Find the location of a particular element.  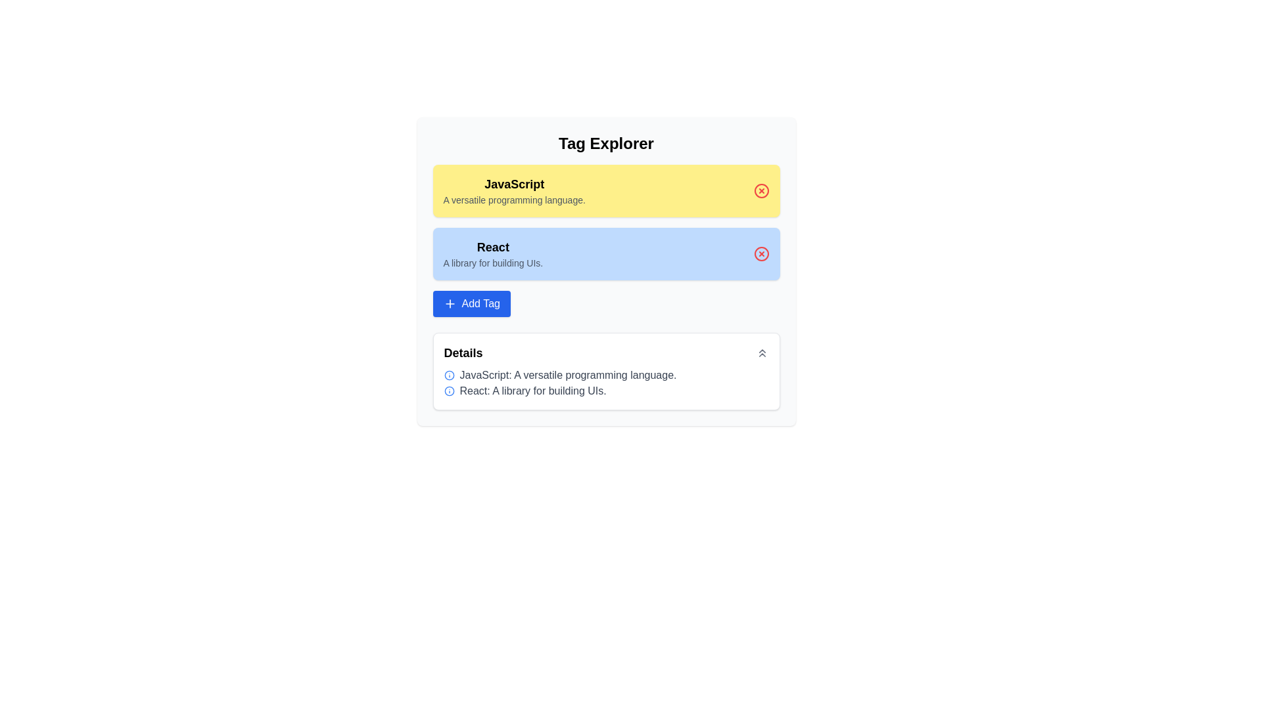

the text label that reads 'A versatile programming language.' which is styled in gray and located below the bold 'JavaScript' title within a yellow box is located at coordinates (513, 200).